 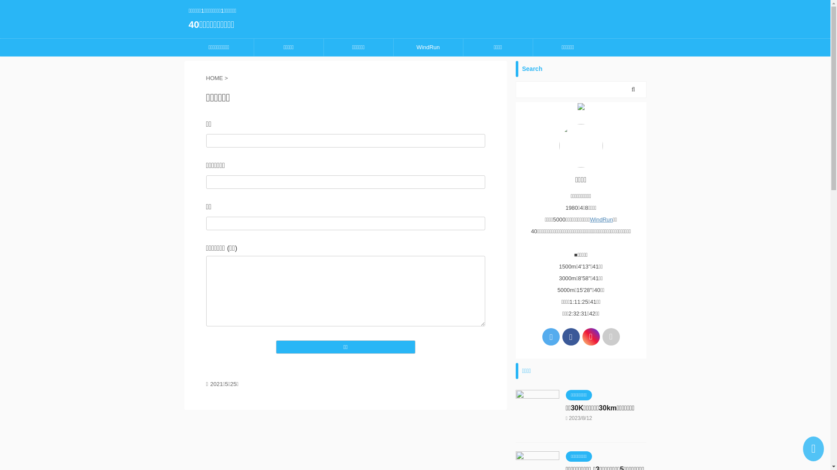 I want to click on 'HOME', so click(x=215, y=77).